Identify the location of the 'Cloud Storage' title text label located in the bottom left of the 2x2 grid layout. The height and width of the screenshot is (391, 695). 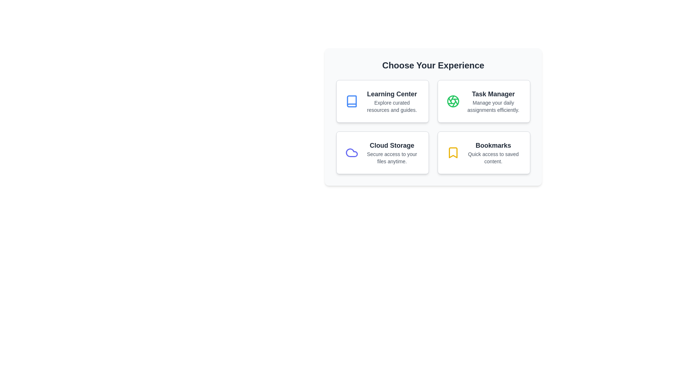
(392, 145).